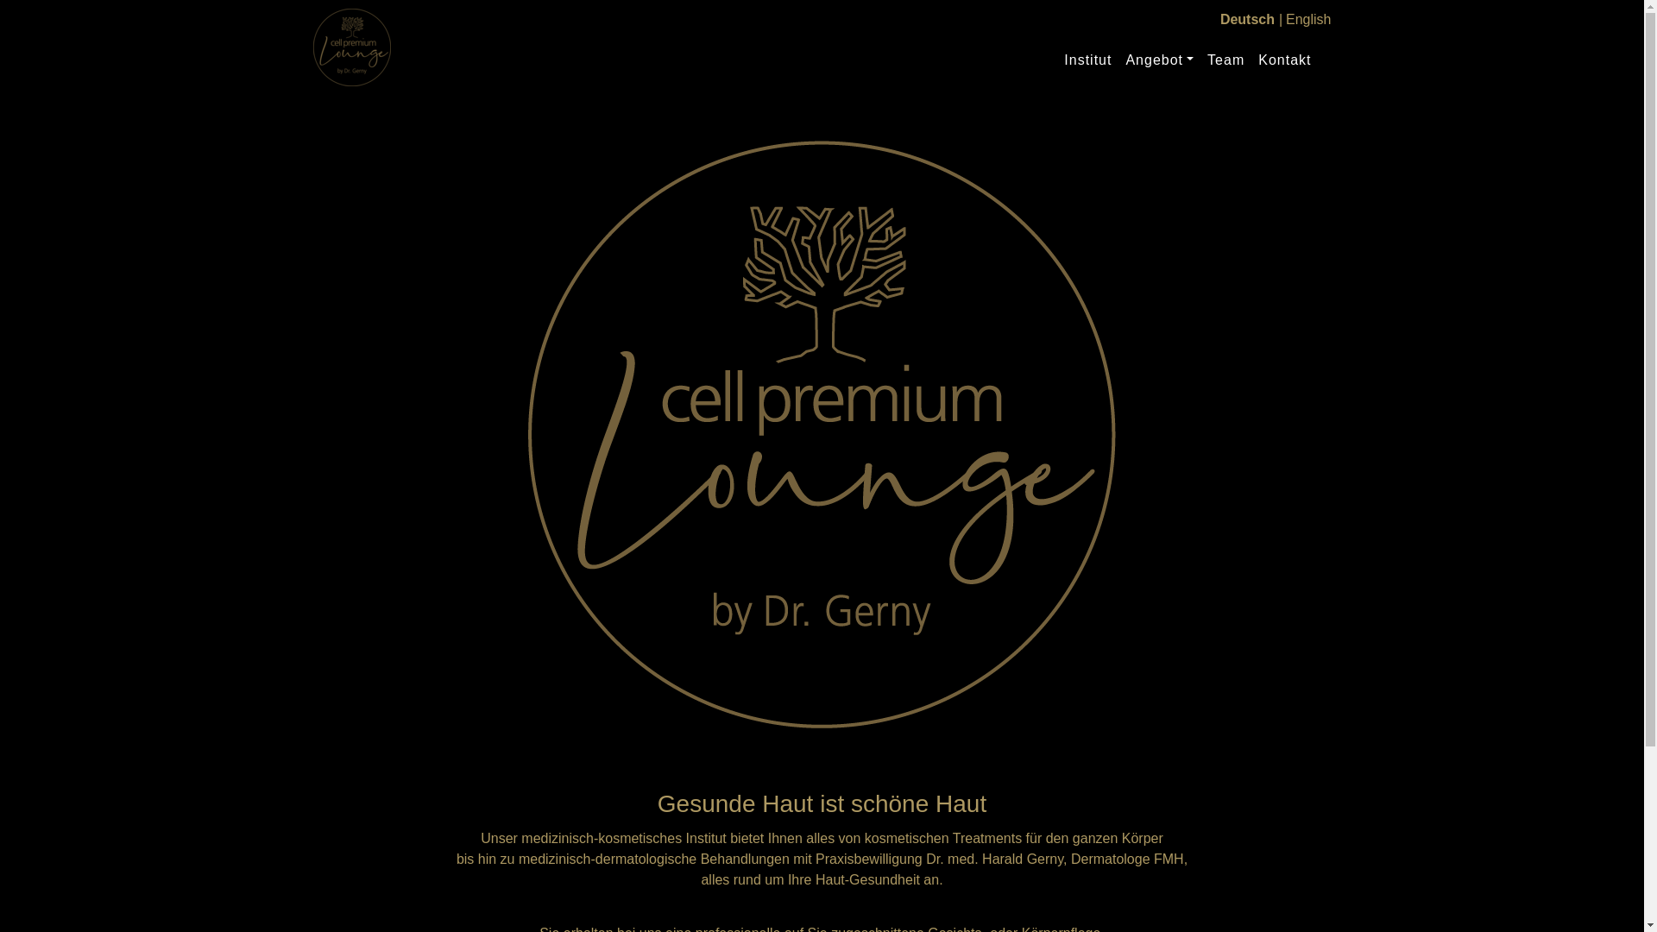 Image resolution: width=1657 pixels, height=932 pixels. I want to click on 'Institut', so click(1087, 59).